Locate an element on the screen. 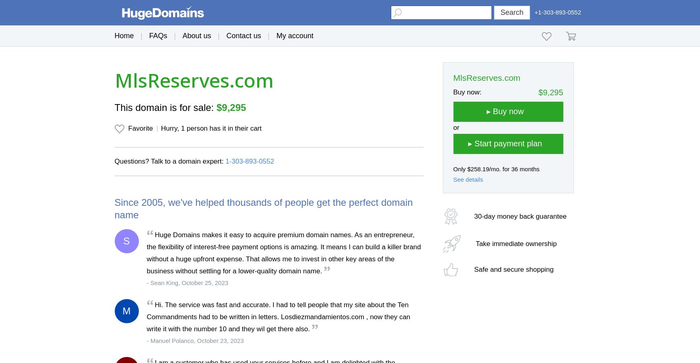 The width and height of the screenshot is (700, 363). 'Hurry, 1 person has it in their cart' is located at coordinates (211, 128).